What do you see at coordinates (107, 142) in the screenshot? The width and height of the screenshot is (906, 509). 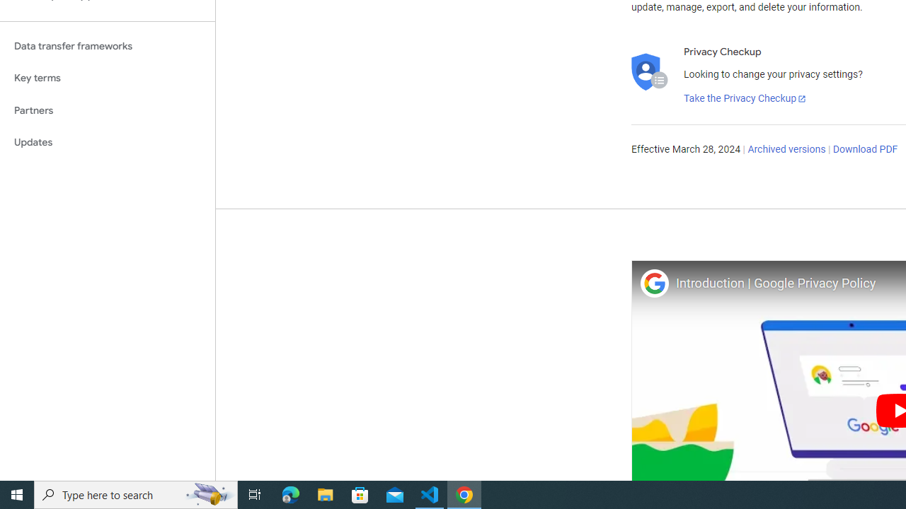 I see `'Updates'` at bounding box center [107, 142].